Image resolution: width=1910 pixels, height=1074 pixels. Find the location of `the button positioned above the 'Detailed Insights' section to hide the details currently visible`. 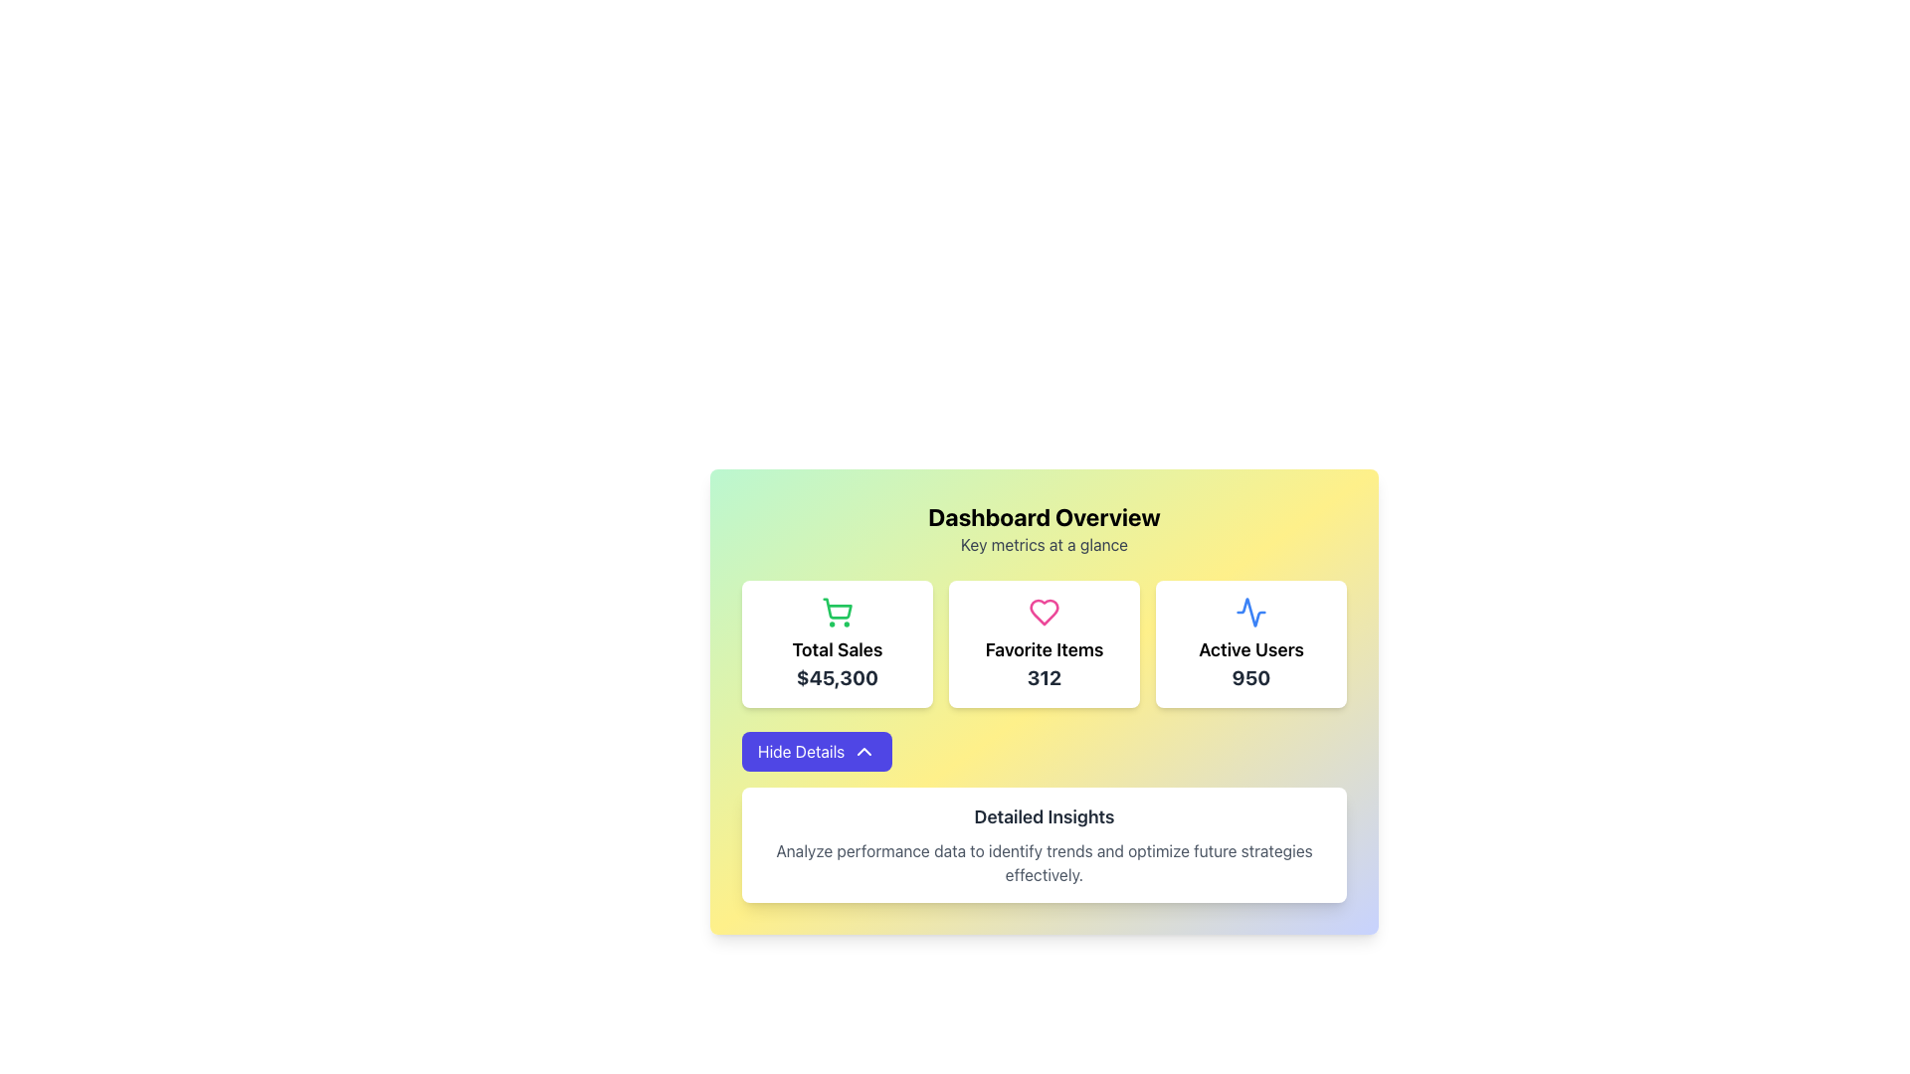

the button positioned above the 'Detailed Insights' section to hide the details currently visible is located at coordinates (817, 752).